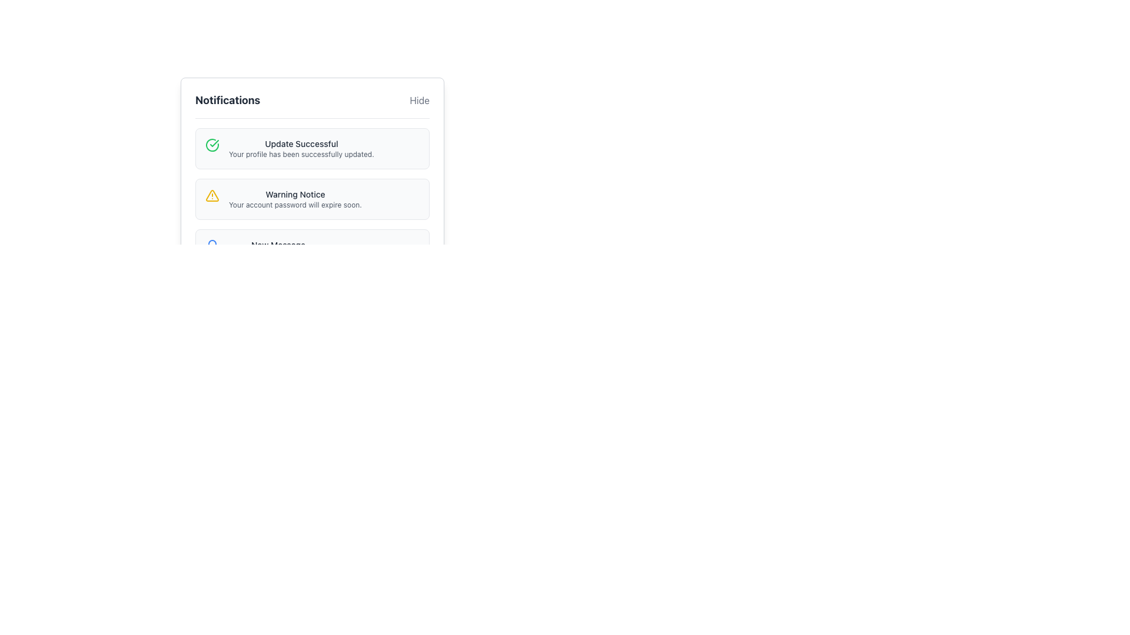 The image size is (1130, 635). Describe the element at coordinates (420, 99) in the screenshot. I see `the toggle button located to the far right of the 'Notifications' title to change its color` at that location.